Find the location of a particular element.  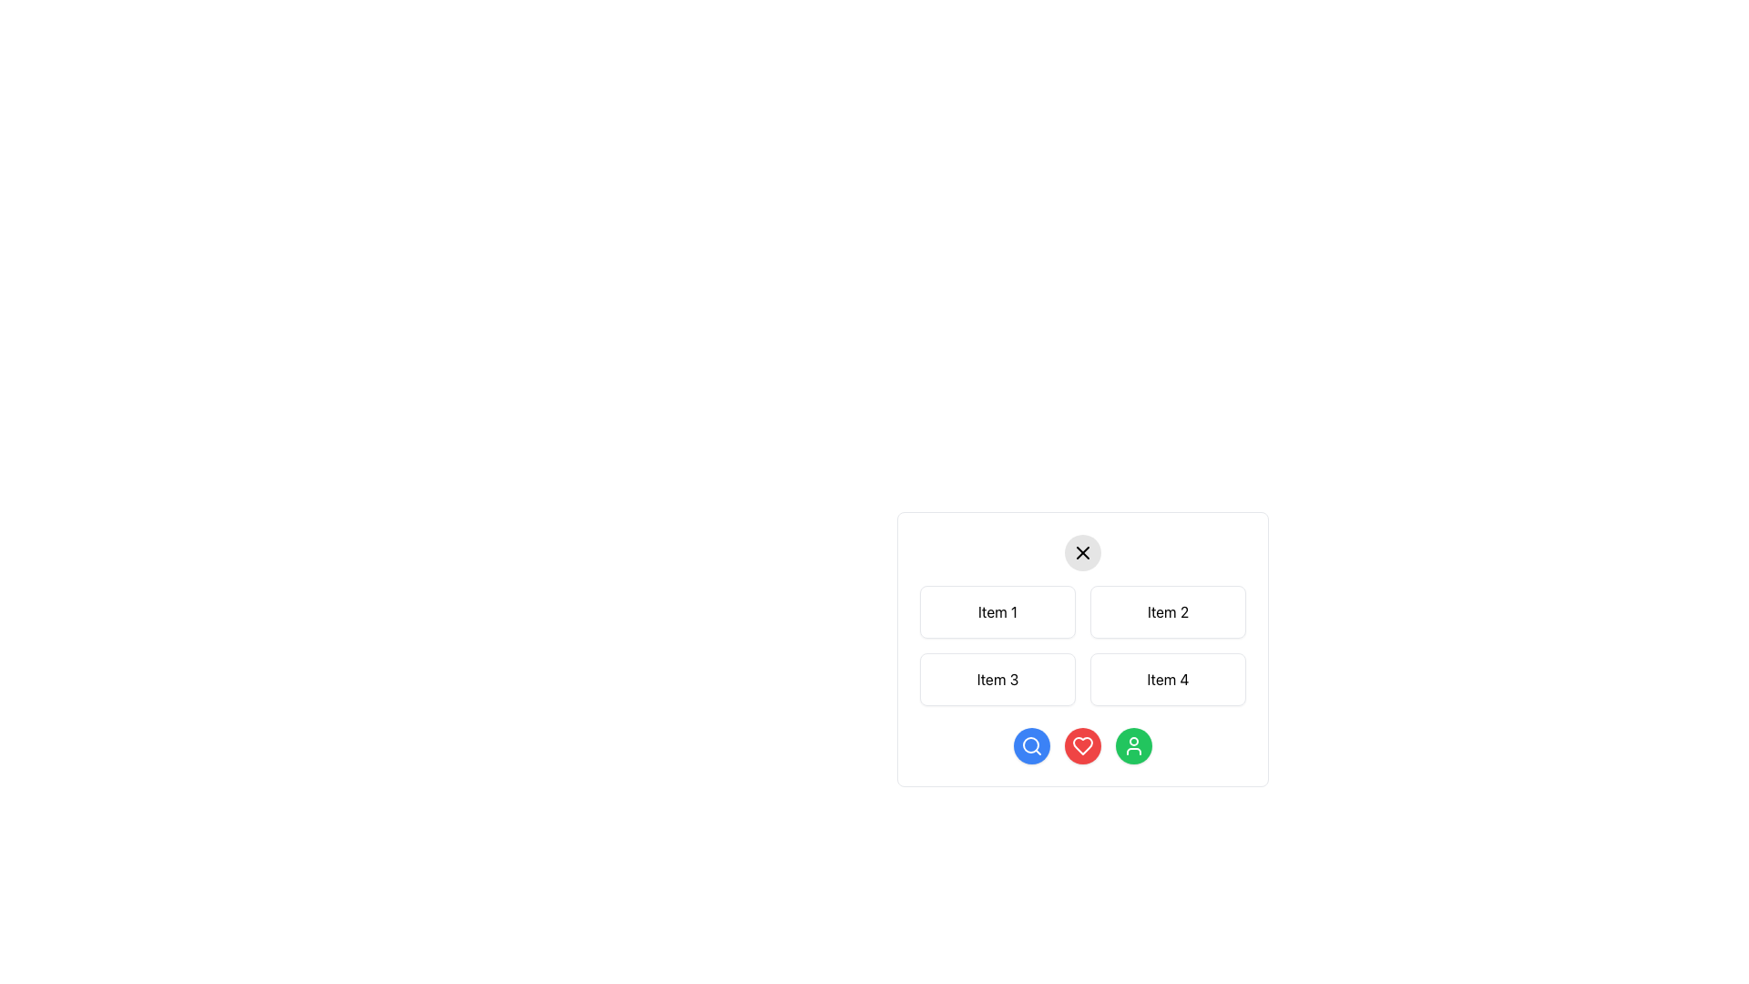

one of the items in the grid labeled 'Item 1', 'Item 2', 'Item 3', or 'Item 4' is located at coordinates (1083, 681).